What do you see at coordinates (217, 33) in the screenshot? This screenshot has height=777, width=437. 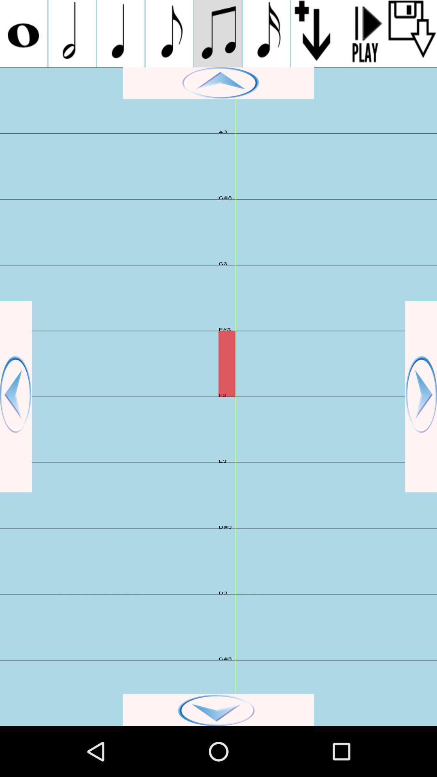 I see `the music rhythm` at bounding box center [217, 33].